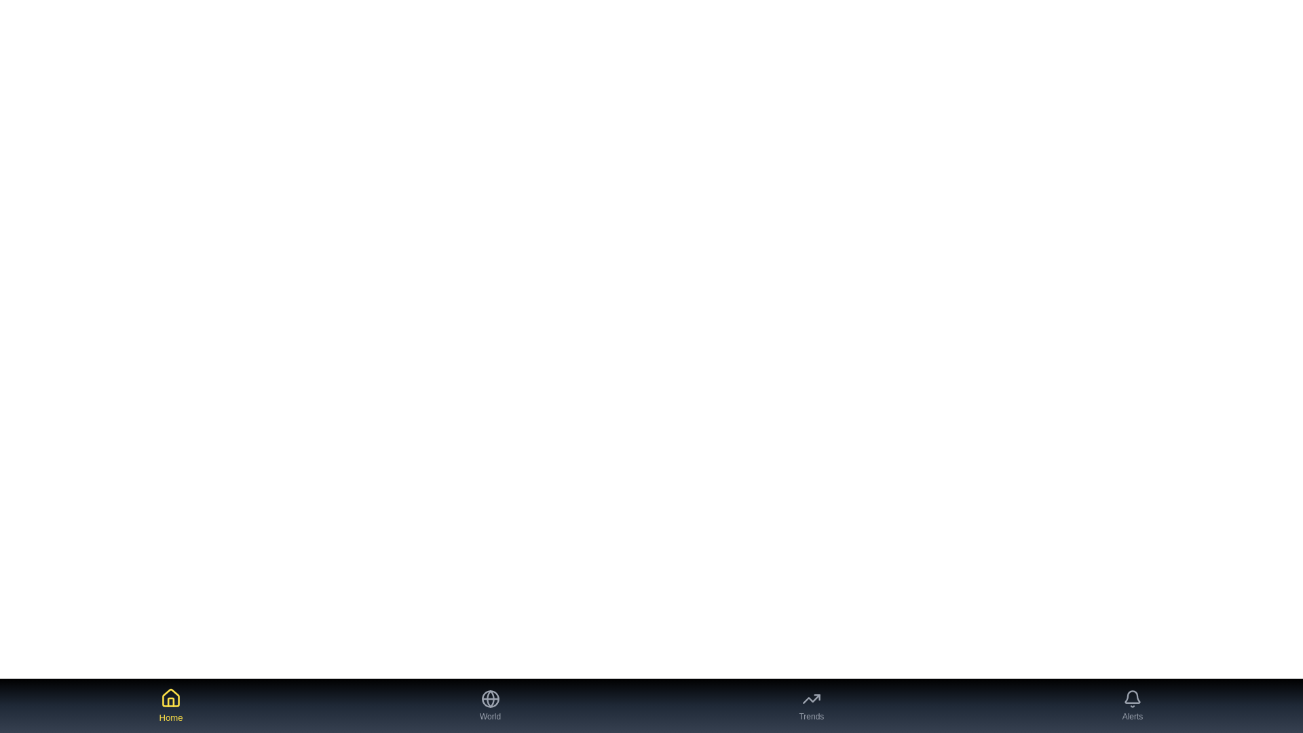  What do you see at coordinates (811, 705) in the screenshot?
I see `the Trends button to observe the hover effect` at bounding box center [811, 705].